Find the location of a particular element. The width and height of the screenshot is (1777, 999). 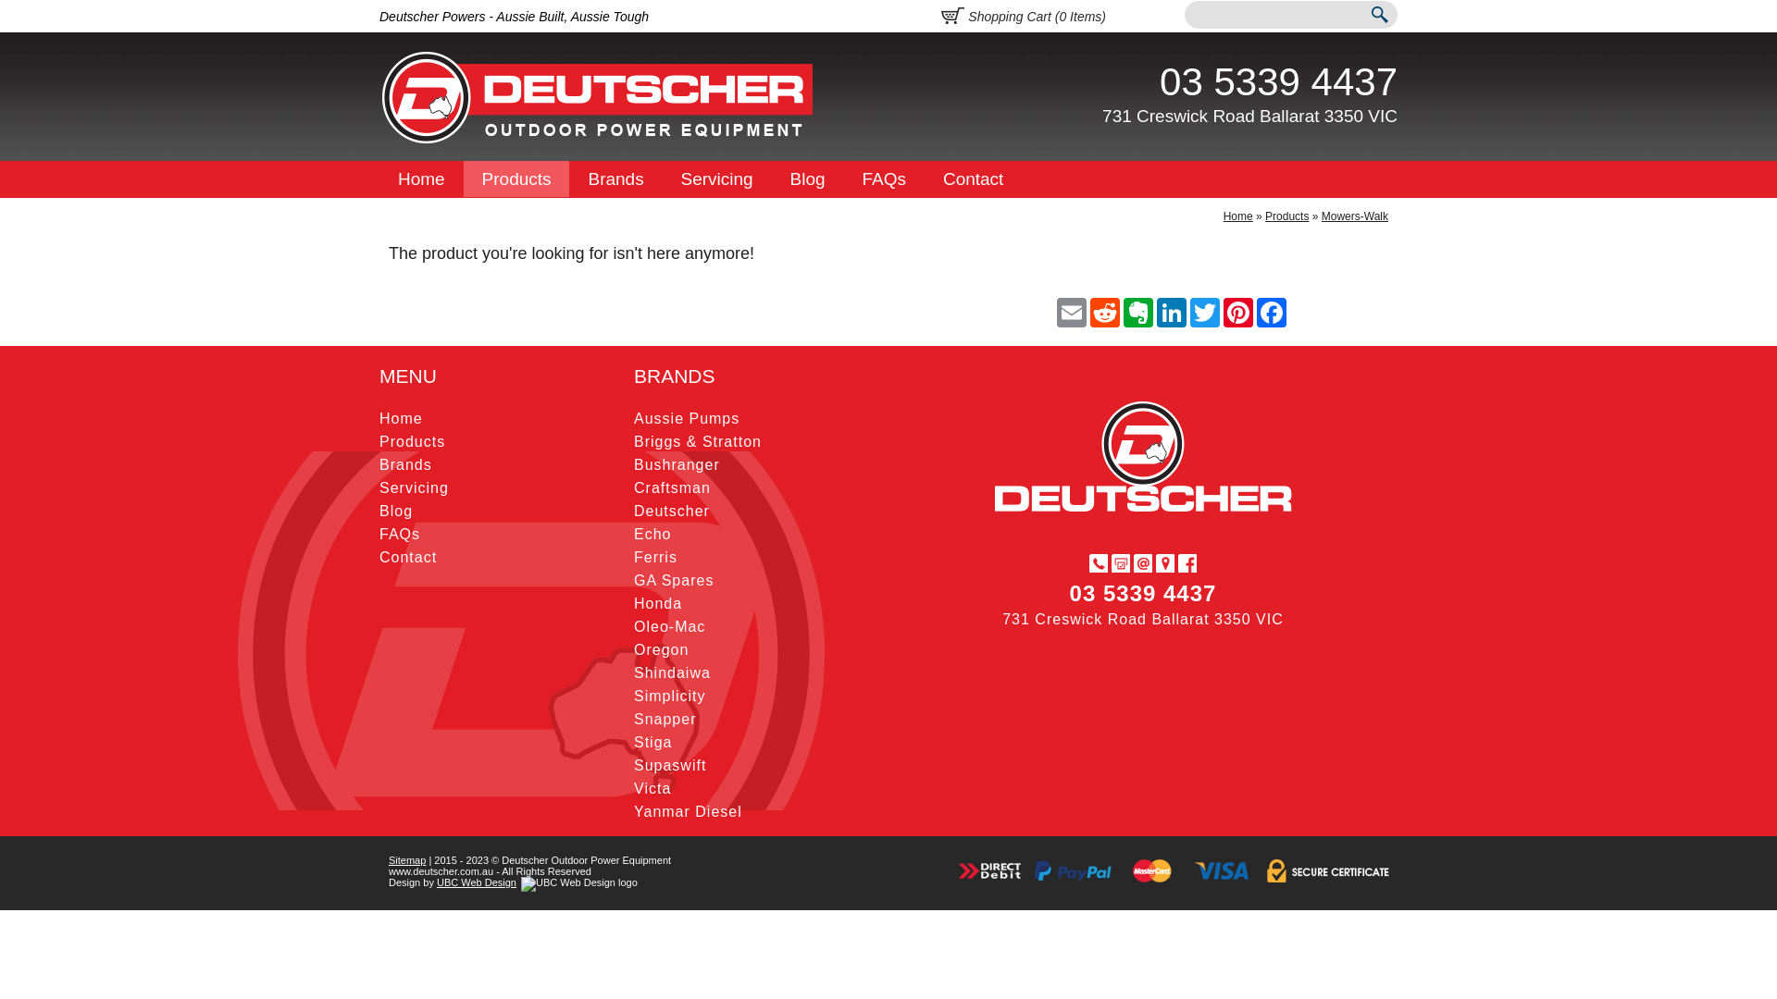

'UBC Web Design' is located at coordinates (476, 881).